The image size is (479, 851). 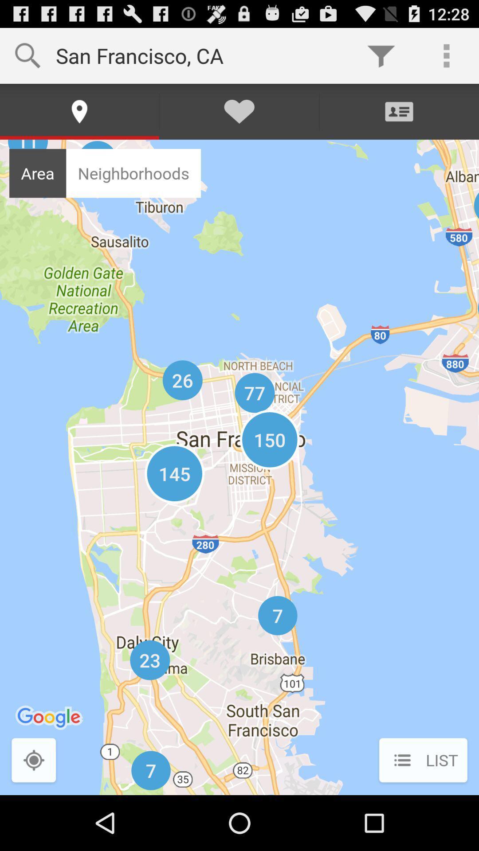 What do you see at coordinates (423, 761) in the screenshot?
I see `the list icon` at bounding box center [423, 761].